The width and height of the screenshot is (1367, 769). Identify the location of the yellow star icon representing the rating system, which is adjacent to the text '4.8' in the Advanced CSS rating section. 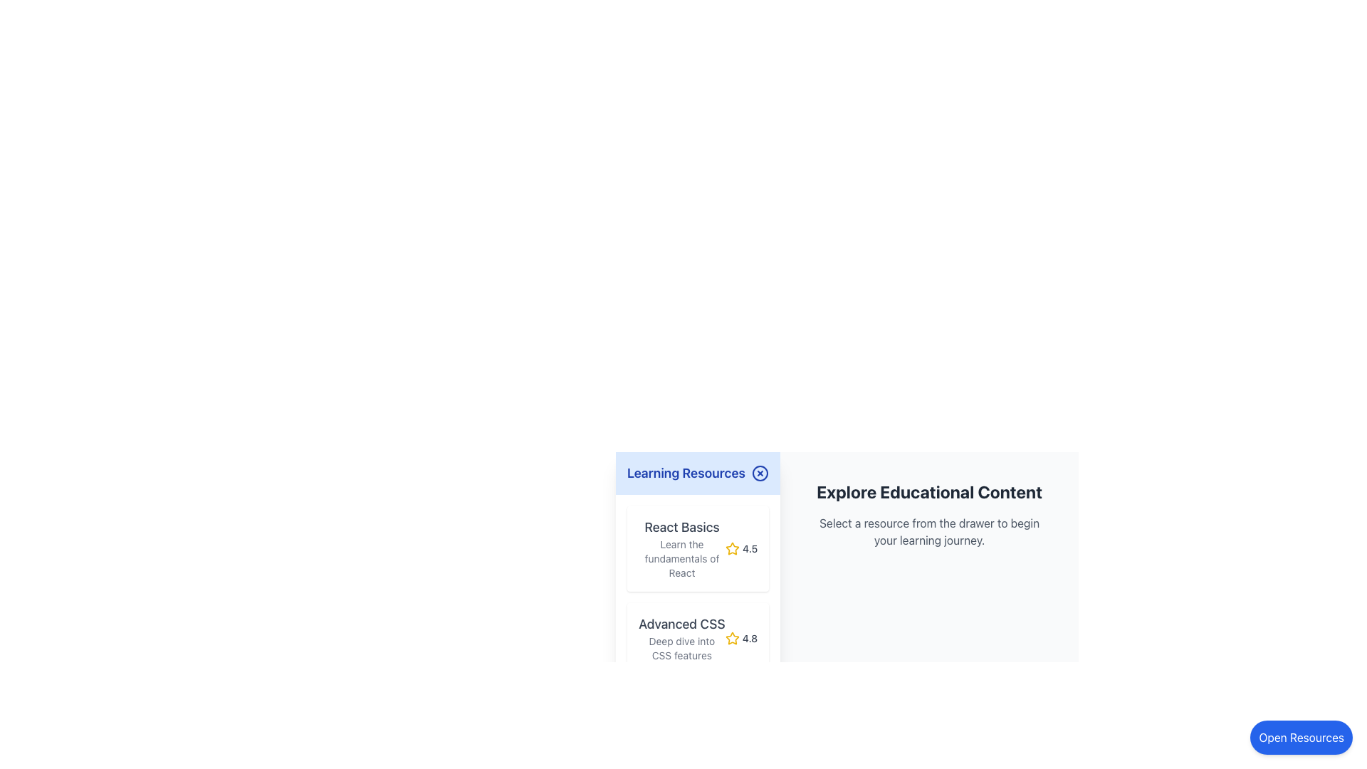
(732, 638).